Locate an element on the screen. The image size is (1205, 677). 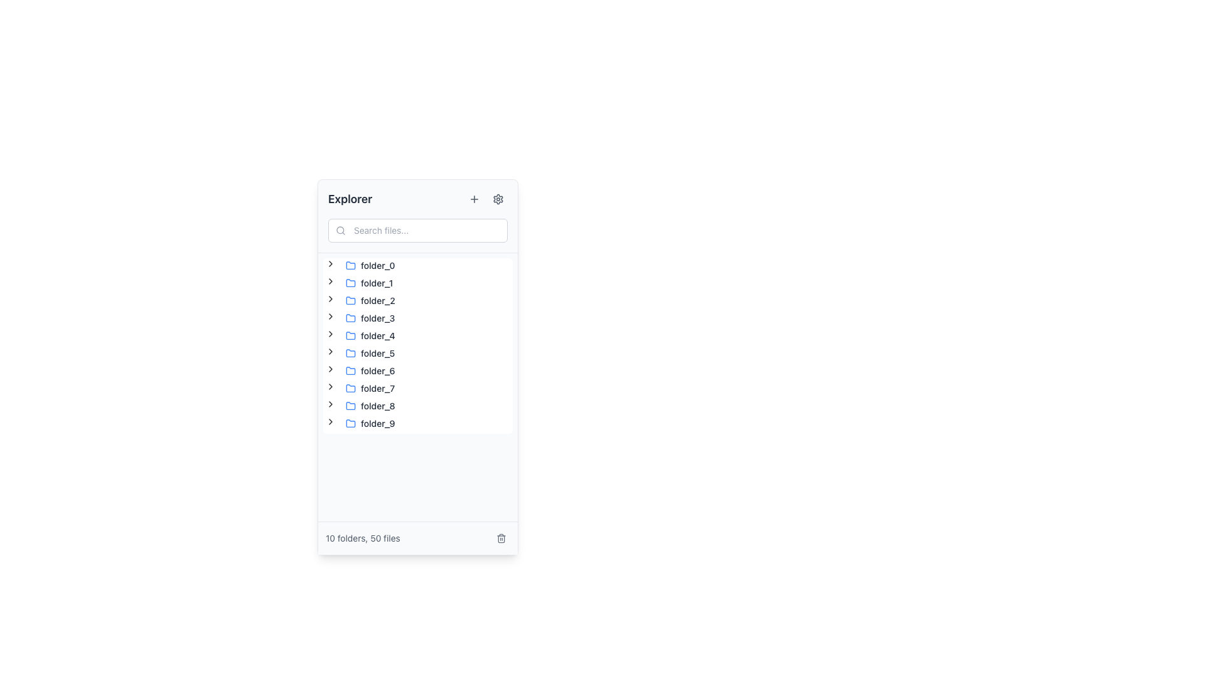
the folder labeled 'folder_9' which is the last item is located at coordinates (361, 423).